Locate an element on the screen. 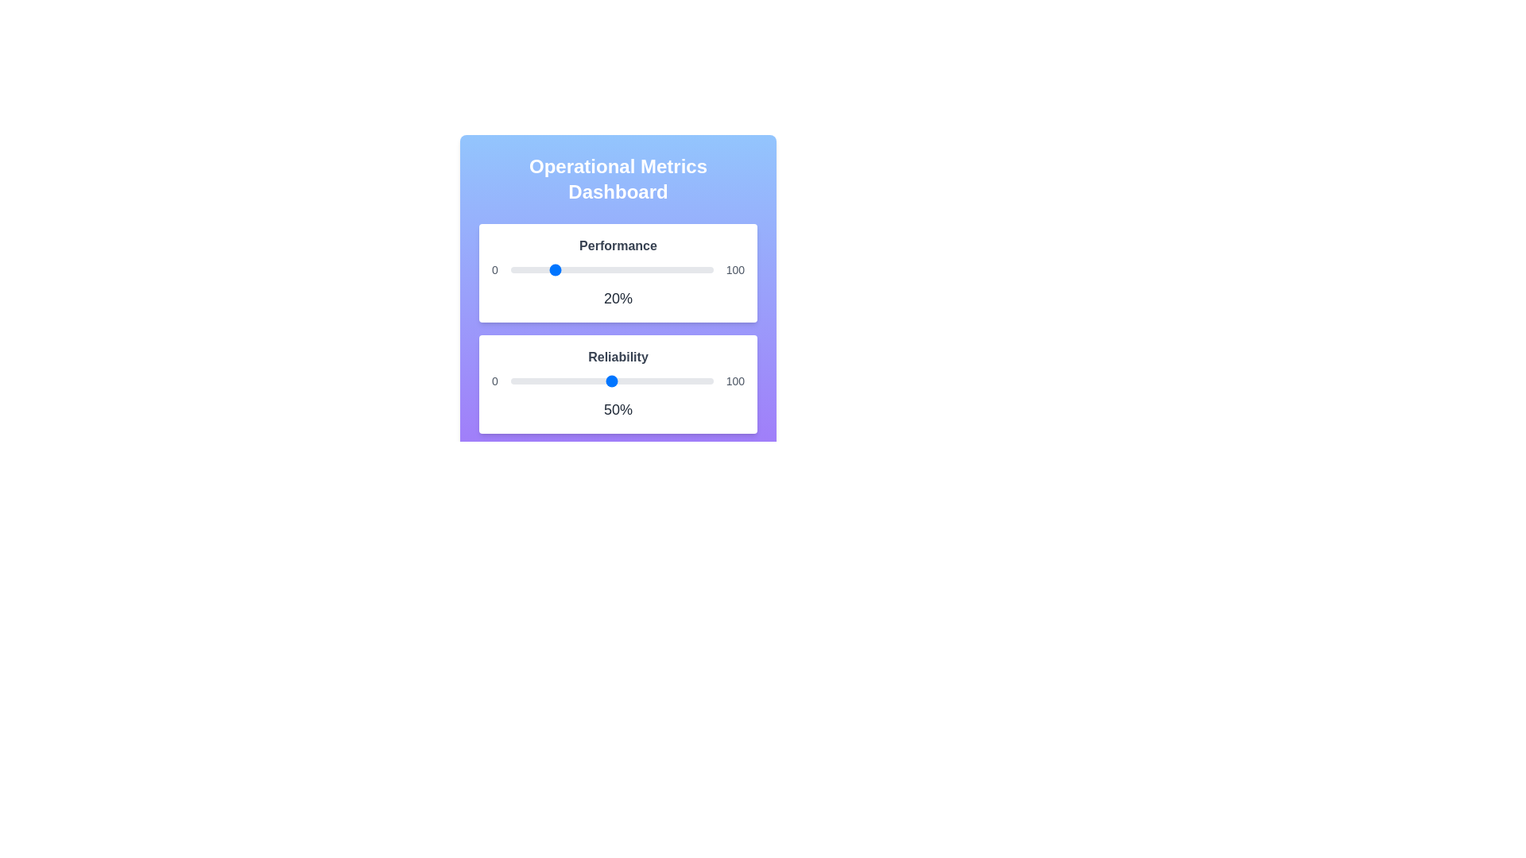 The width and height of the screenshot is (1526, 858). the static text label indicating the maximum value (100) for the 'Reliability' slider, which is located to the right of the slider control in the bottom section of the dashboard card is located at coordinates (734, 381).